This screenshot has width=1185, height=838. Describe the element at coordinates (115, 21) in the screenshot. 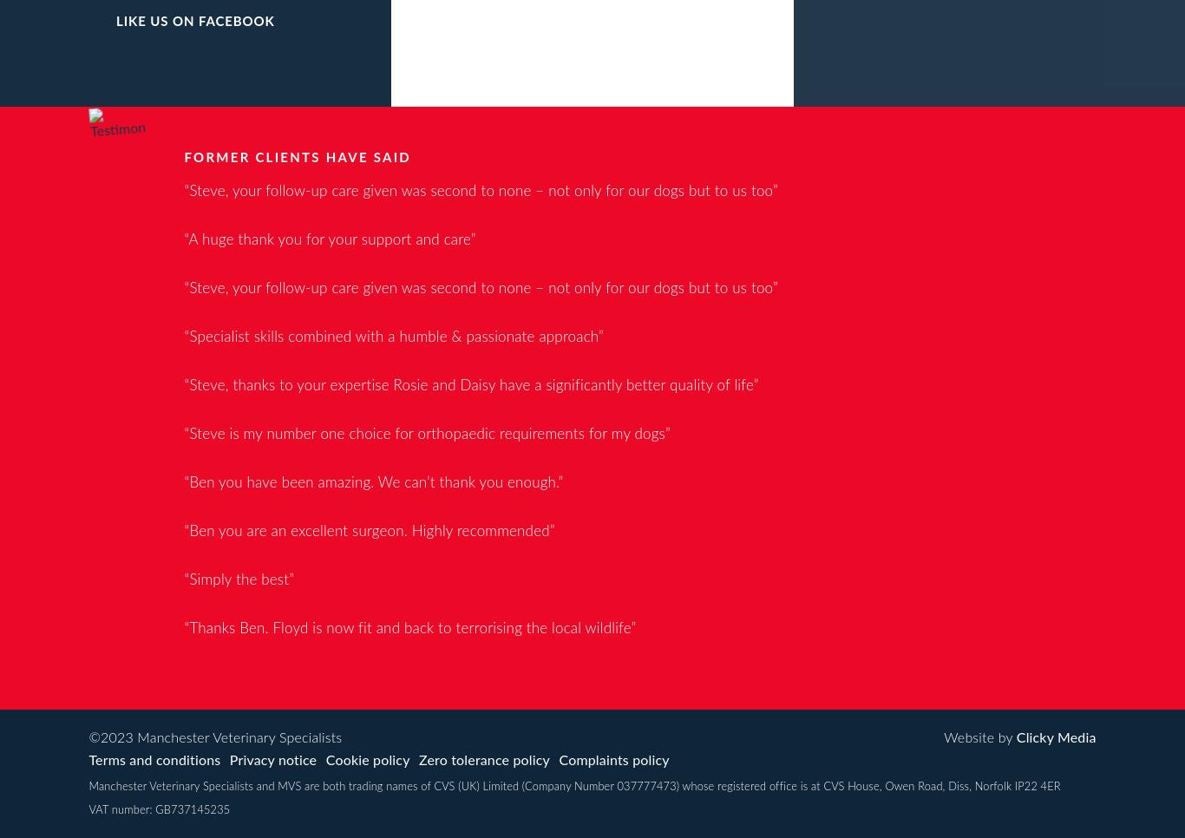

I see `'Like us on Facebook'` at that location.